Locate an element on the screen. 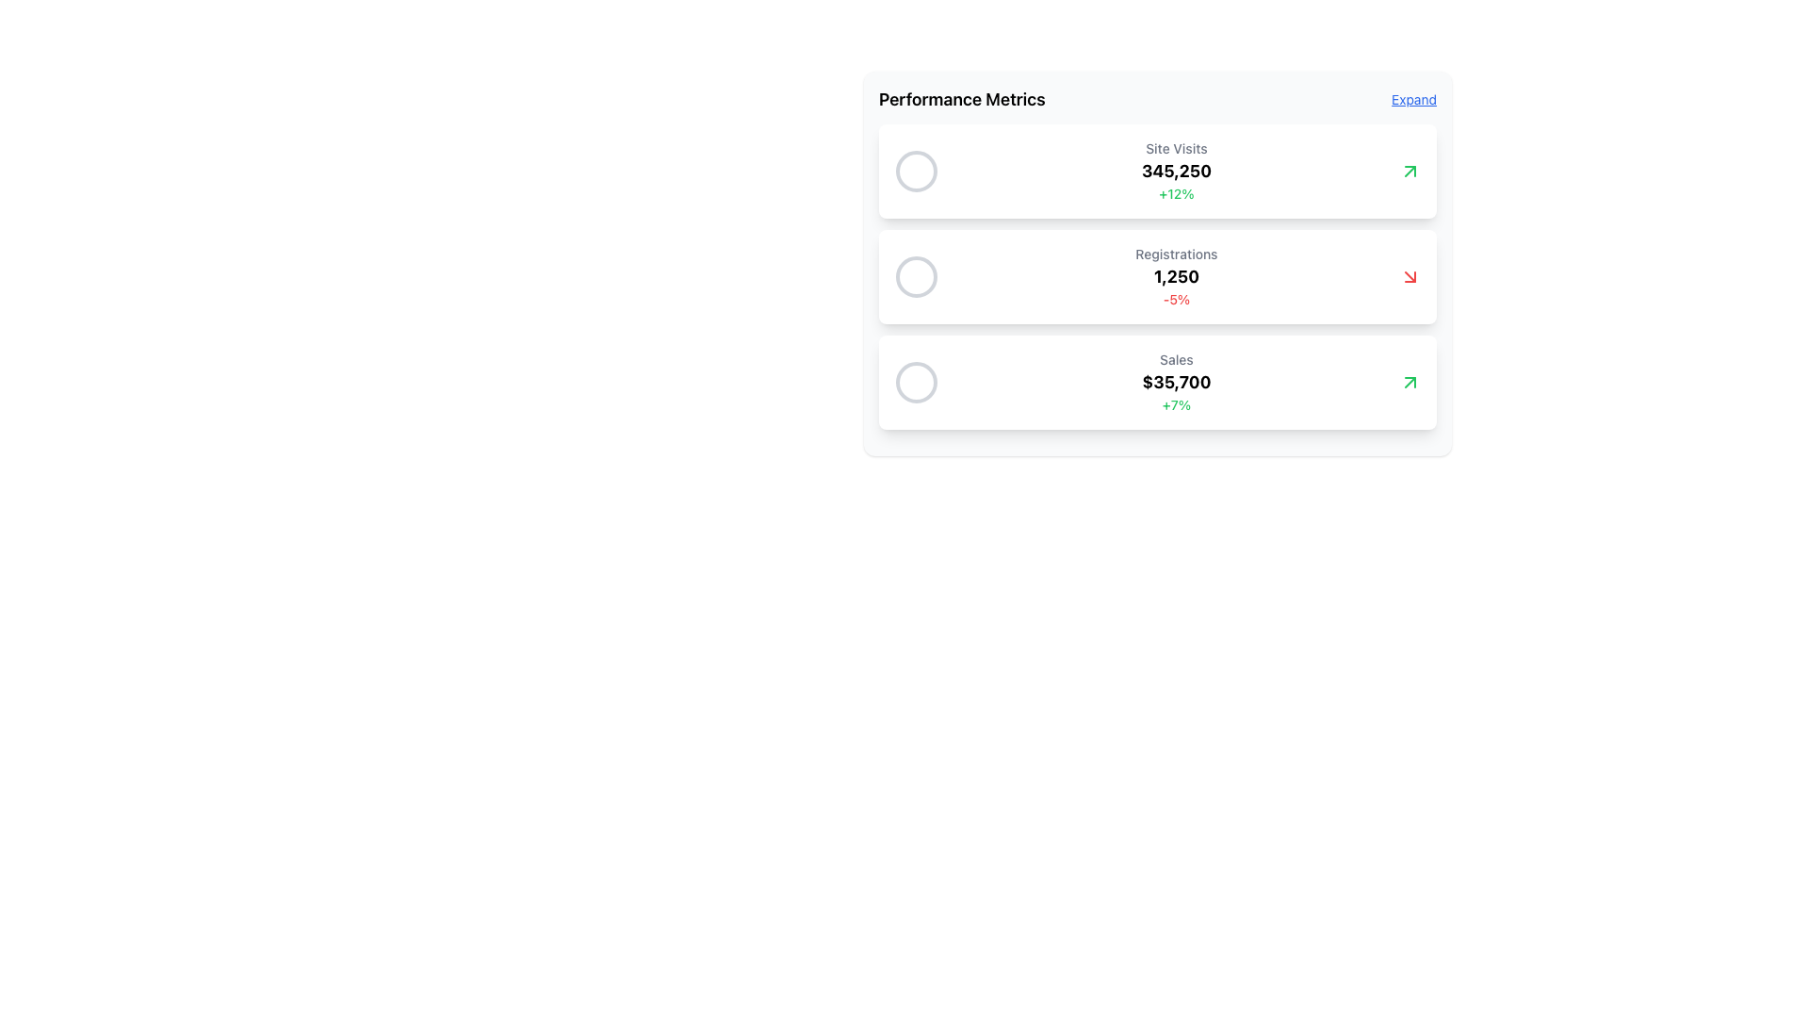 The height and width of the screenshot is (1018, 1809). the Text Label element displaying '$35,700' which is centrally located in the bottom-most card of the 'Performance Metrics' section is located at coordinates (1175, 382).